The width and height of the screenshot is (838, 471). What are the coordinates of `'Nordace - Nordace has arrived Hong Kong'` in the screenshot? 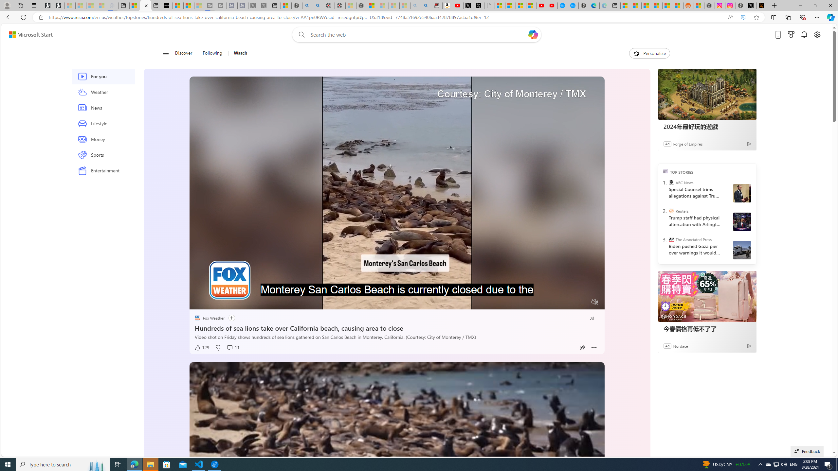 It's located at (583, 5).